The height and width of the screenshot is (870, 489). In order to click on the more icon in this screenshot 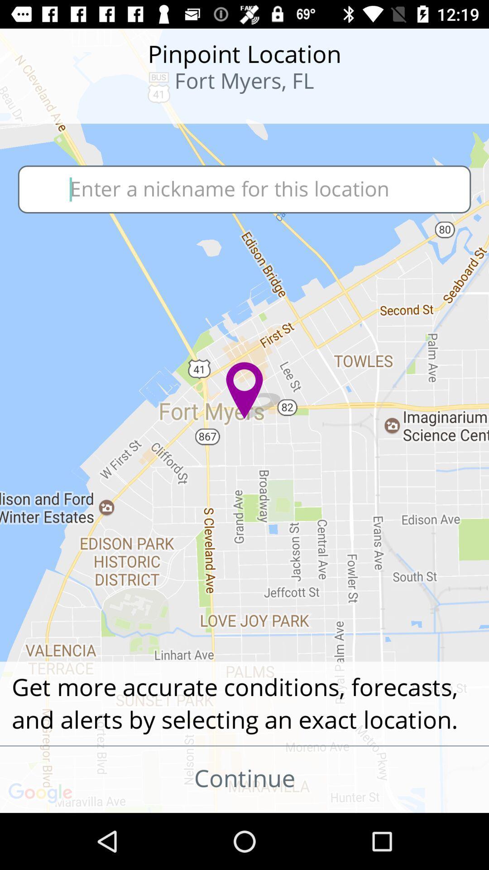, I will do `click(59, 109)`.